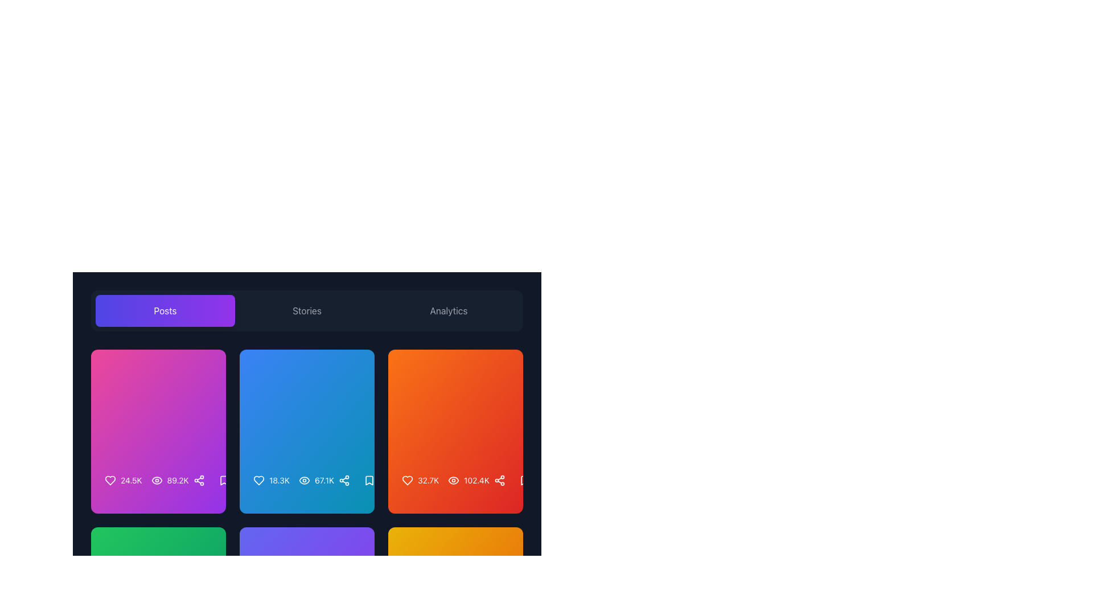  What do you see at coordinates (369, 481) in the screenshot?
I see `the SVG icon representing a bookmark located in the bottom-right corner of the third card element in the second row of the grid` at bounding box center [369, 481].